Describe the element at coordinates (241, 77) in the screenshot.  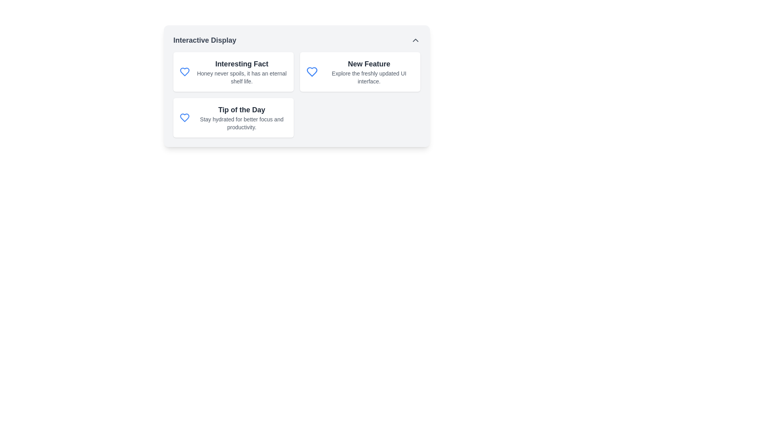
I see `the informational text label located within the 'Interesting Fact' card, which is the second line of content directly below the bolded title` at that location.